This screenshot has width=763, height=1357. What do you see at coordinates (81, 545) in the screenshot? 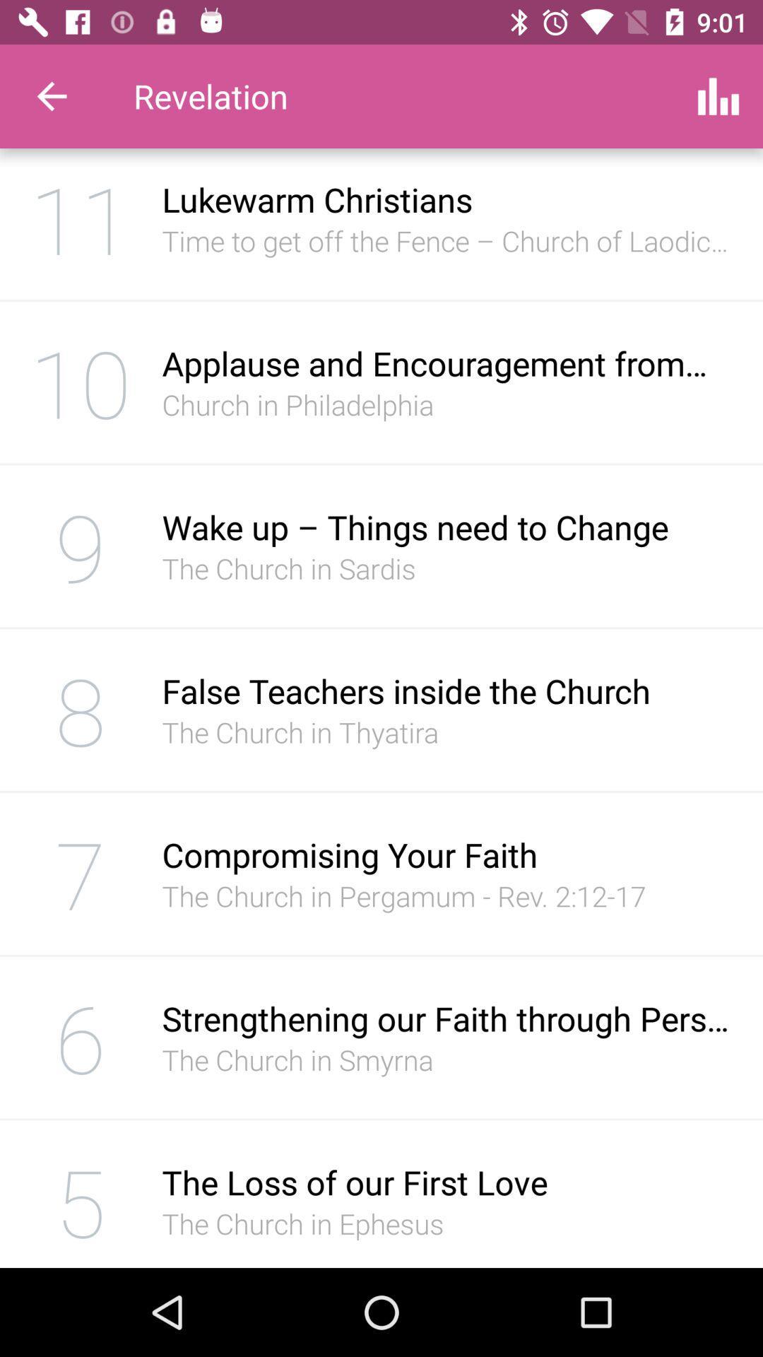
I see `the 9` at bounding box center [81, 545].